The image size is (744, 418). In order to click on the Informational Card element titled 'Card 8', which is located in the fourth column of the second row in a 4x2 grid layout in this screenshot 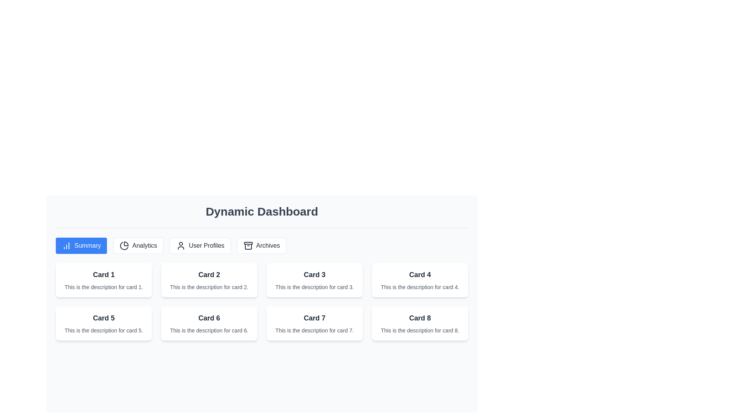, I will do `click(420, 324)`.